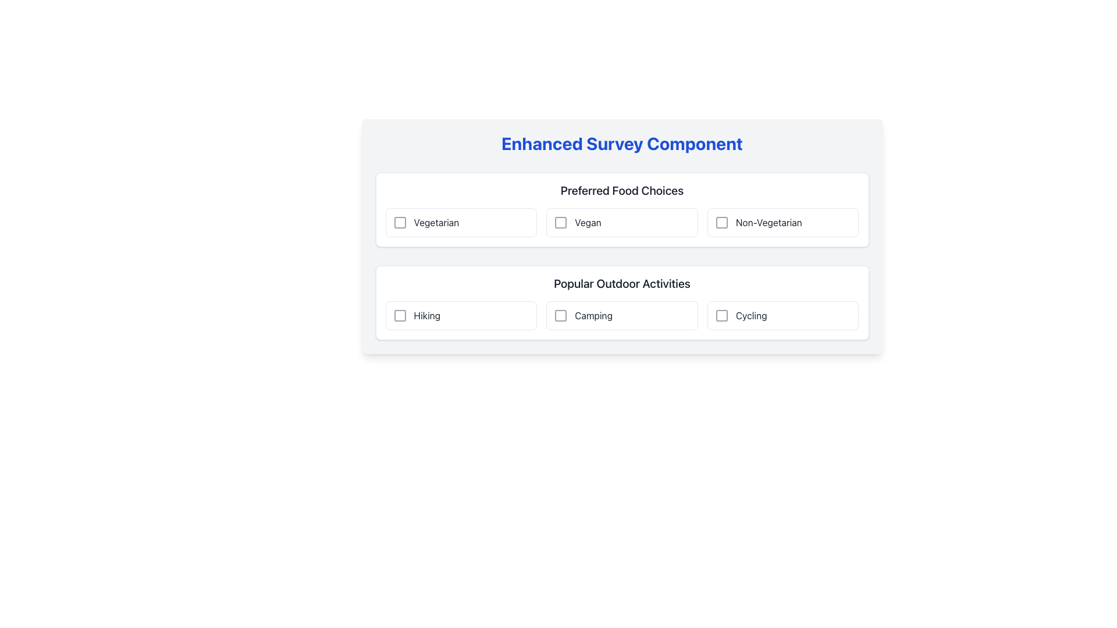 The width and height of the screenshot is (1117, 628). Describe the element at coordinates (721, 222) in the screenshot. I see `the 'Non-Vegetarian' icon` at that location.